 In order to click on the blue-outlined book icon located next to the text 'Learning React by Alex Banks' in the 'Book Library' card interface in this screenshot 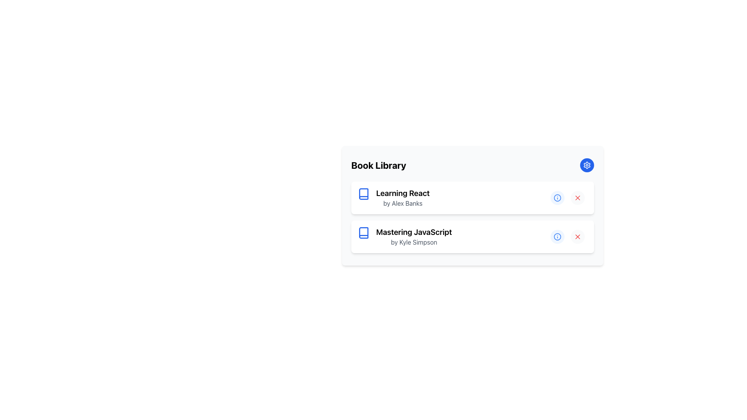, I will do `click(363, 193)`.